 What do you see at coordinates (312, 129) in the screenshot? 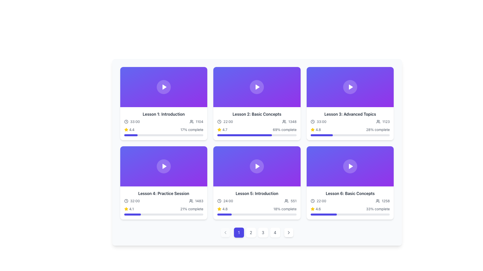
I see `the yellow star-shaped icon representing the rating system for 'Lesson 2: Basic Concepts', located in the bottom section of the card interface` at bounding box center [312, 129].